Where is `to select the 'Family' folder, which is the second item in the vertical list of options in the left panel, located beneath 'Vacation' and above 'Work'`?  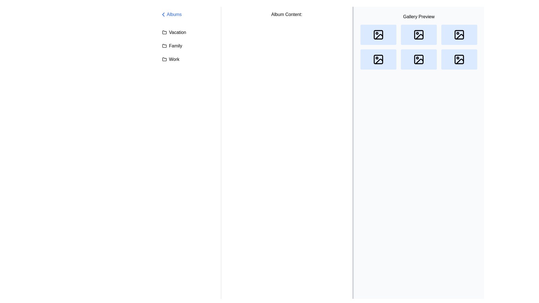
to select the 'Family' folder, which is the second item in the vertical list of options in the left panel, located beneath 'Vacation' and above 'Work' is located at coordinates (188, 46).